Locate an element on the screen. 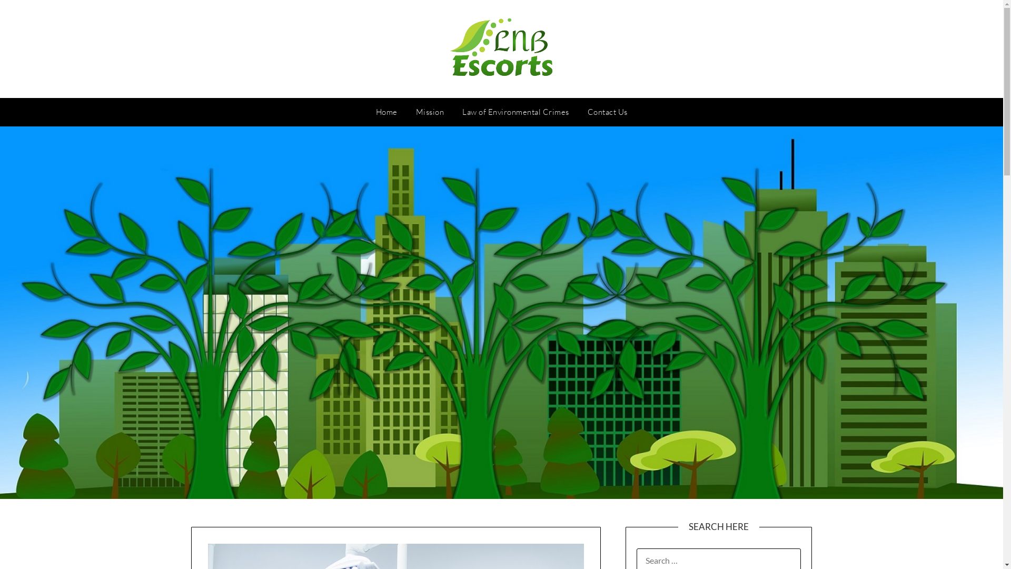  'Contact Us' is located at coordinates (607, 112).